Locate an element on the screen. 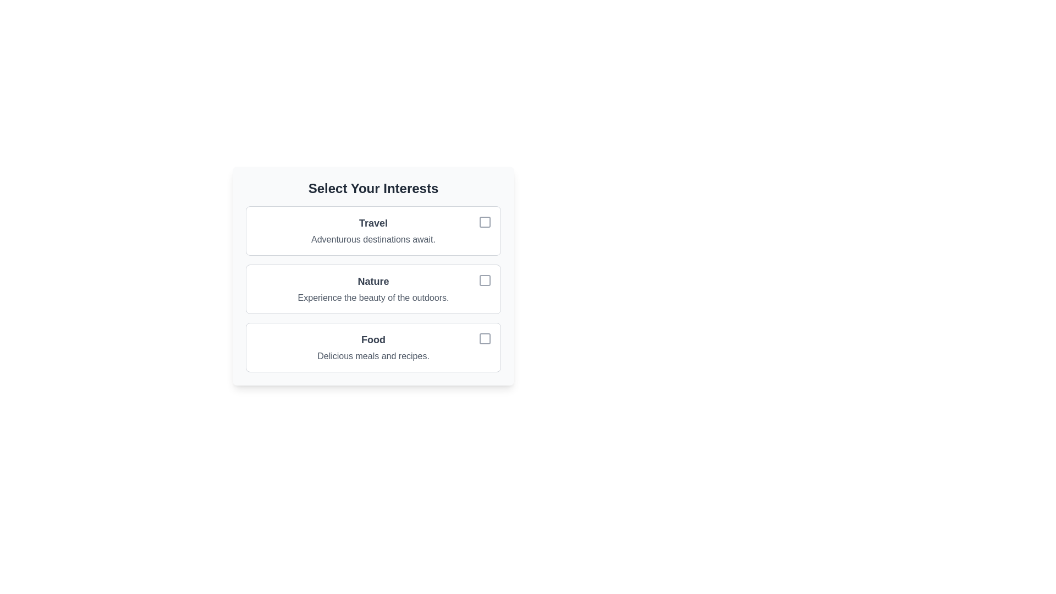  the checkbox adjacent to the text 'Nature' is located at coordinates (485, 279).